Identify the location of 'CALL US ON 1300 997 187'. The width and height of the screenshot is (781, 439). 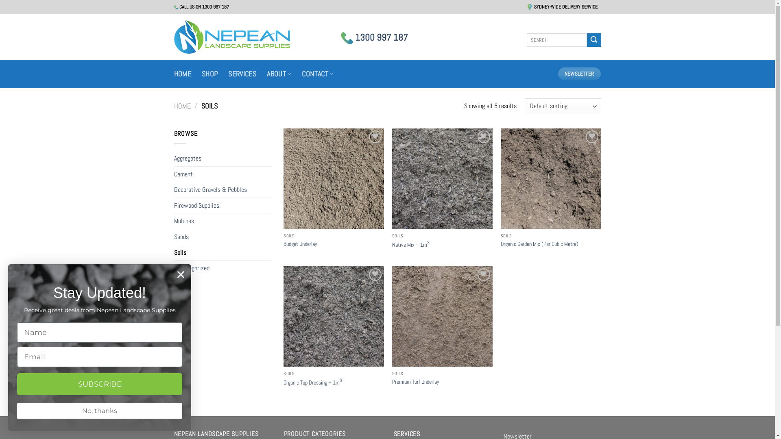
(173, 7).